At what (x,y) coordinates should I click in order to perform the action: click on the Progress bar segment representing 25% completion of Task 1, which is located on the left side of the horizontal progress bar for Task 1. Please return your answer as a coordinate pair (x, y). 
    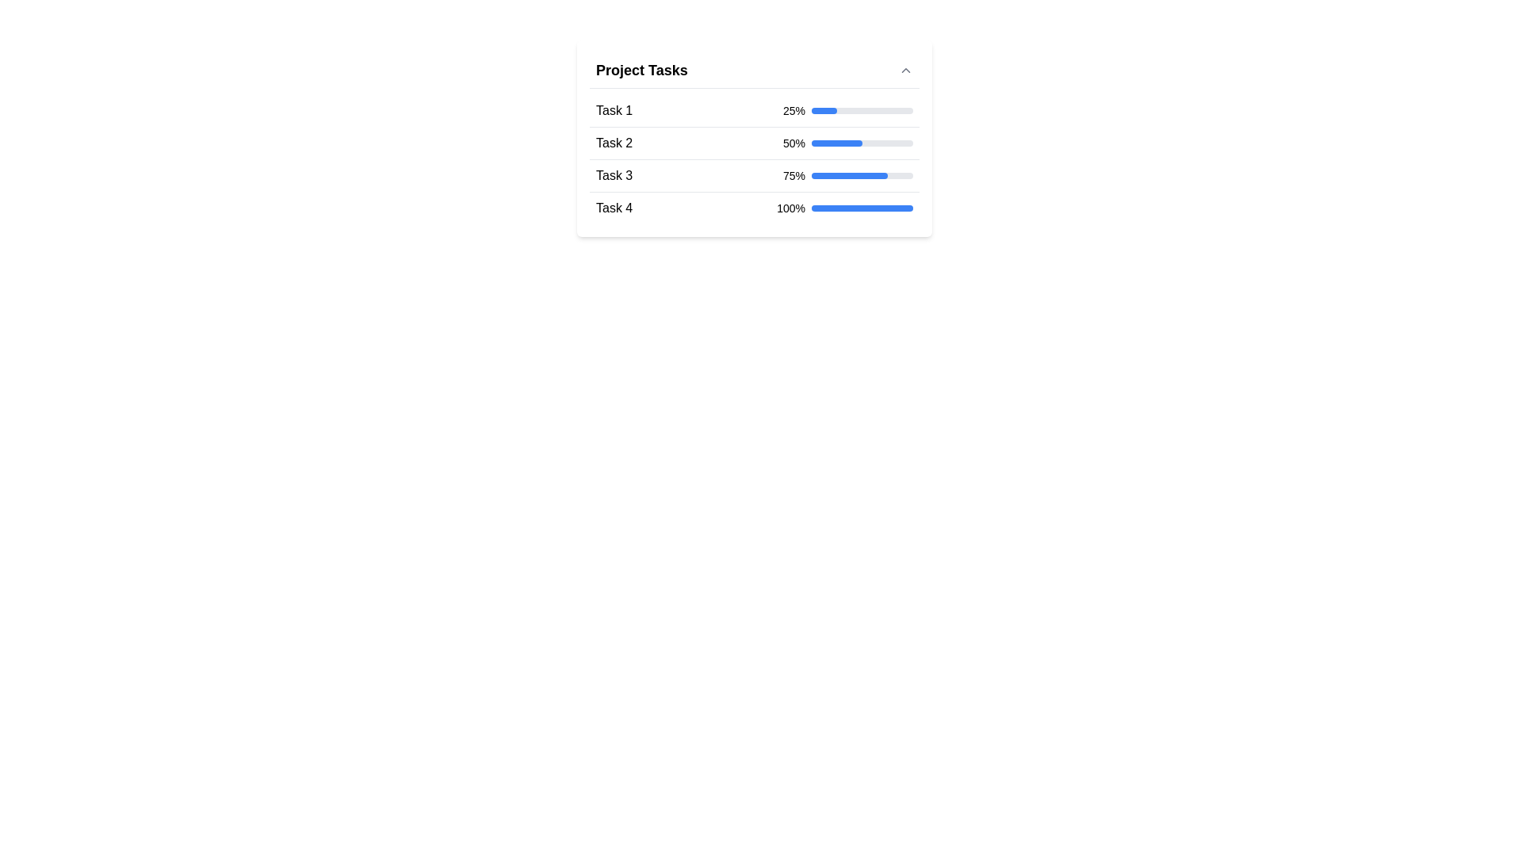
    Looking at the image, I should click on (824, 109).